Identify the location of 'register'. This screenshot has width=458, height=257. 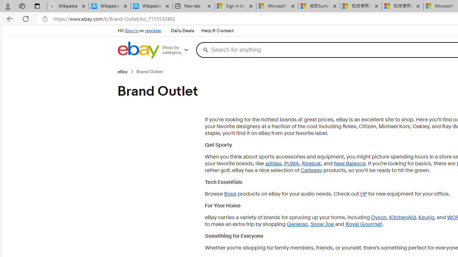
(153, 30).